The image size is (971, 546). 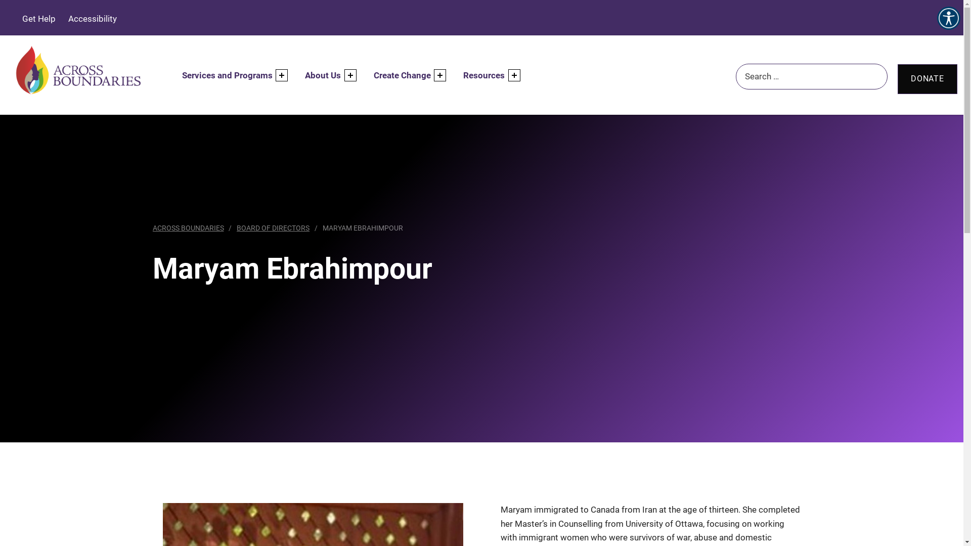 I want to click on 'Create Change', so click(x=403, y=75).